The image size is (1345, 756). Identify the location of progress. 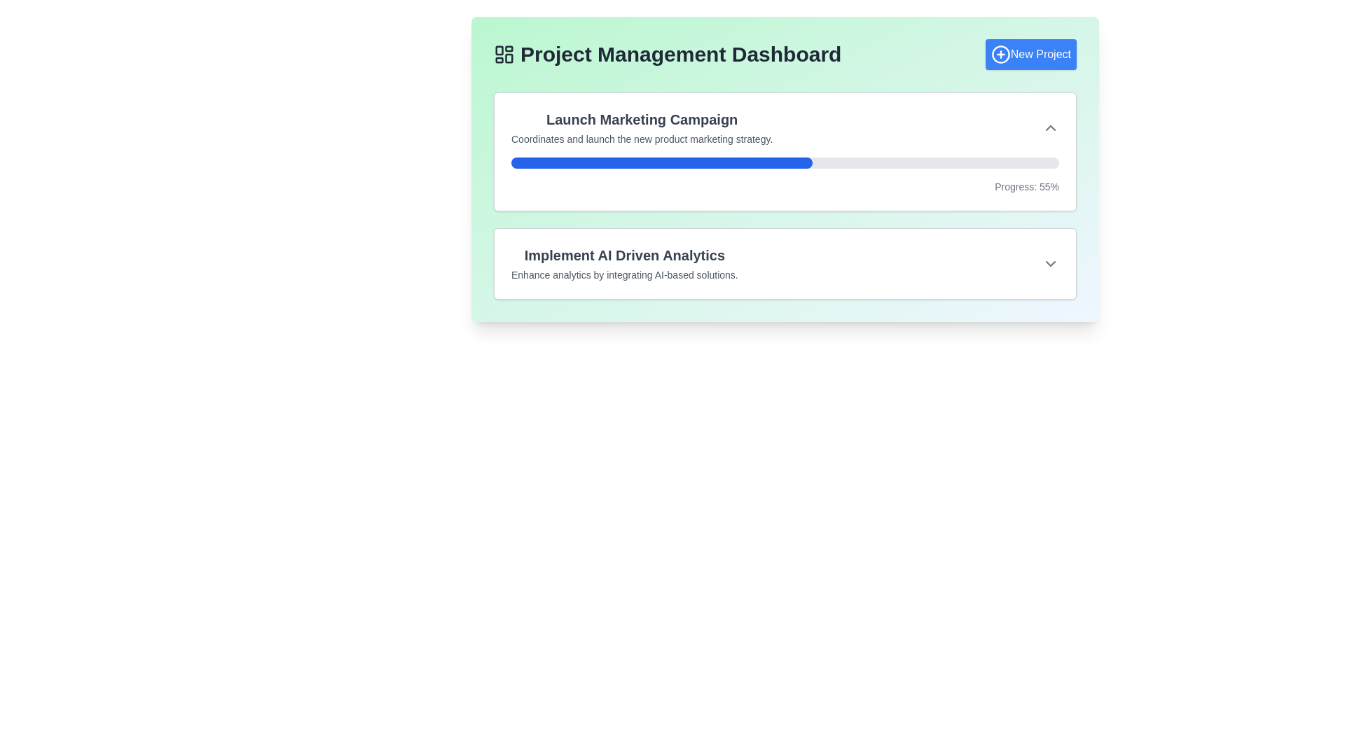
(664, 162).